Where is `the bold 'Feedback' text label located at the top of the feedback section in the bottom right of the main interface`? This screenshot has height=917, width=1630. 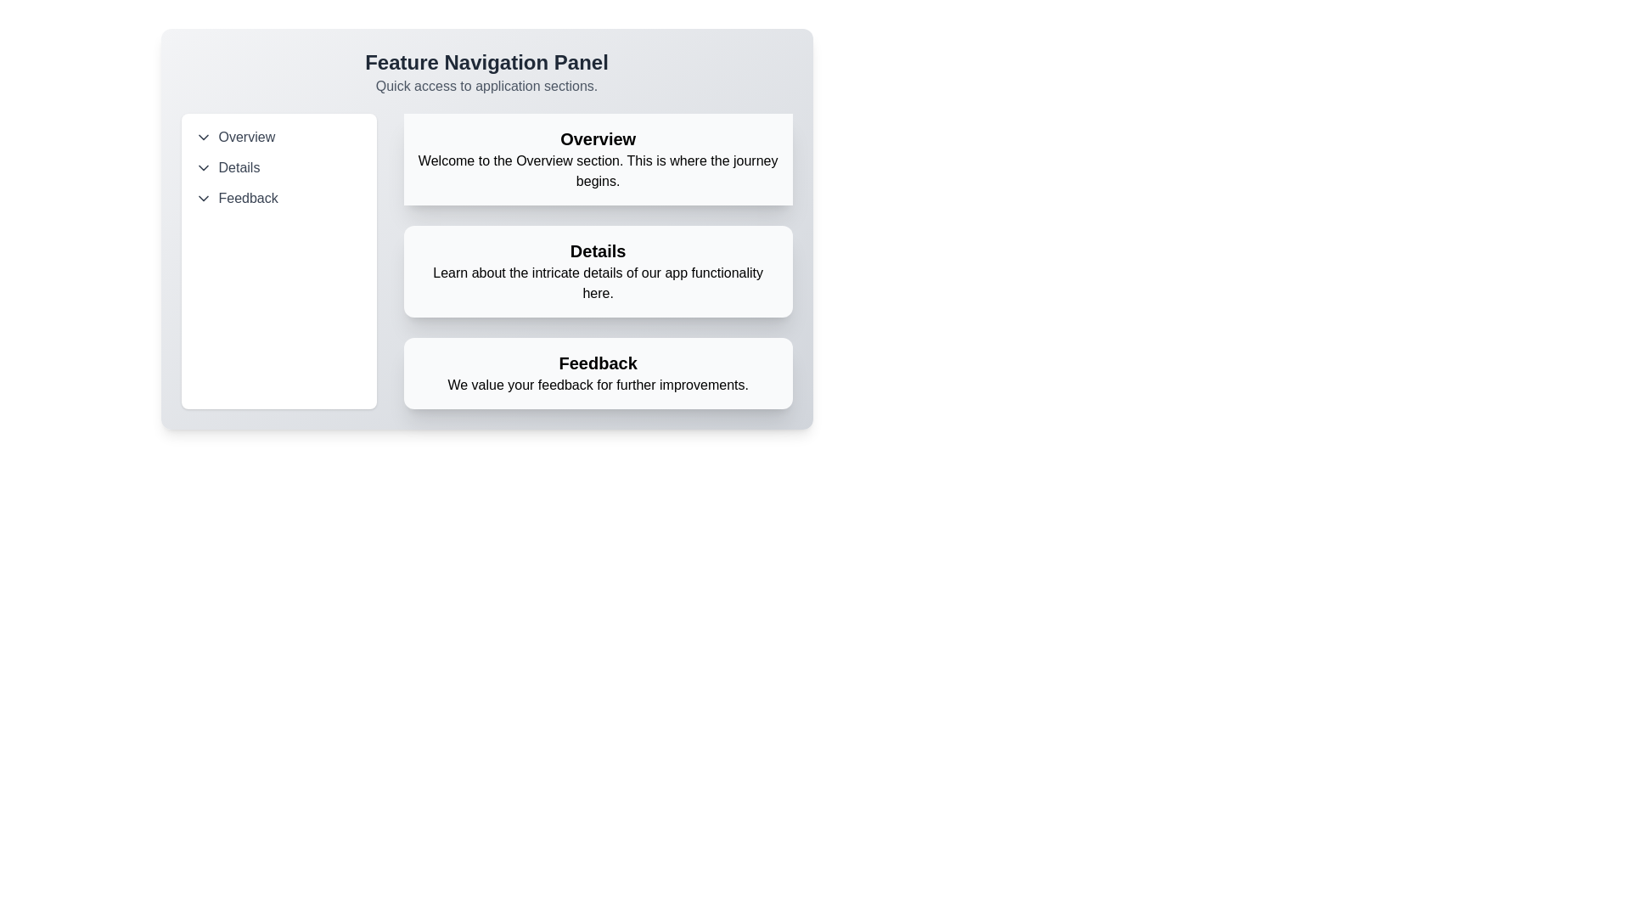
the bold 'Feedback' text label located at the top of the feedback section in the bottom right of the main interface is located at coordinates (598, 363).